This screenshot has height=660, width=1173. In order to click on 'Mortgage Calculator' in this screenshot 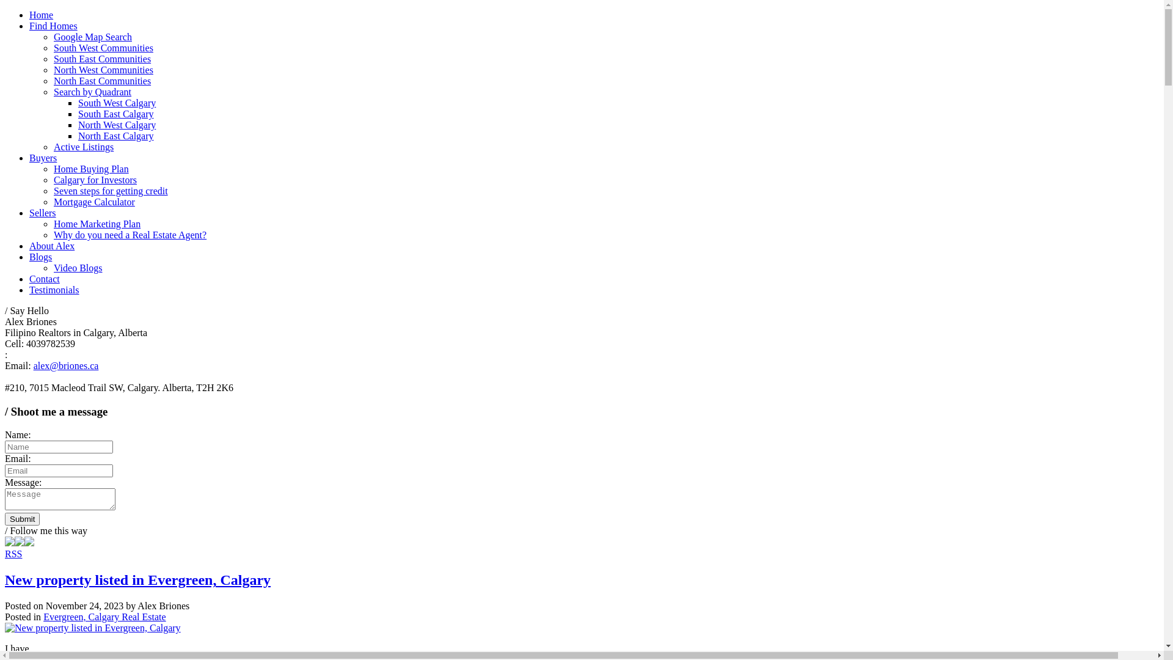, I will do `click(93, 201)`.